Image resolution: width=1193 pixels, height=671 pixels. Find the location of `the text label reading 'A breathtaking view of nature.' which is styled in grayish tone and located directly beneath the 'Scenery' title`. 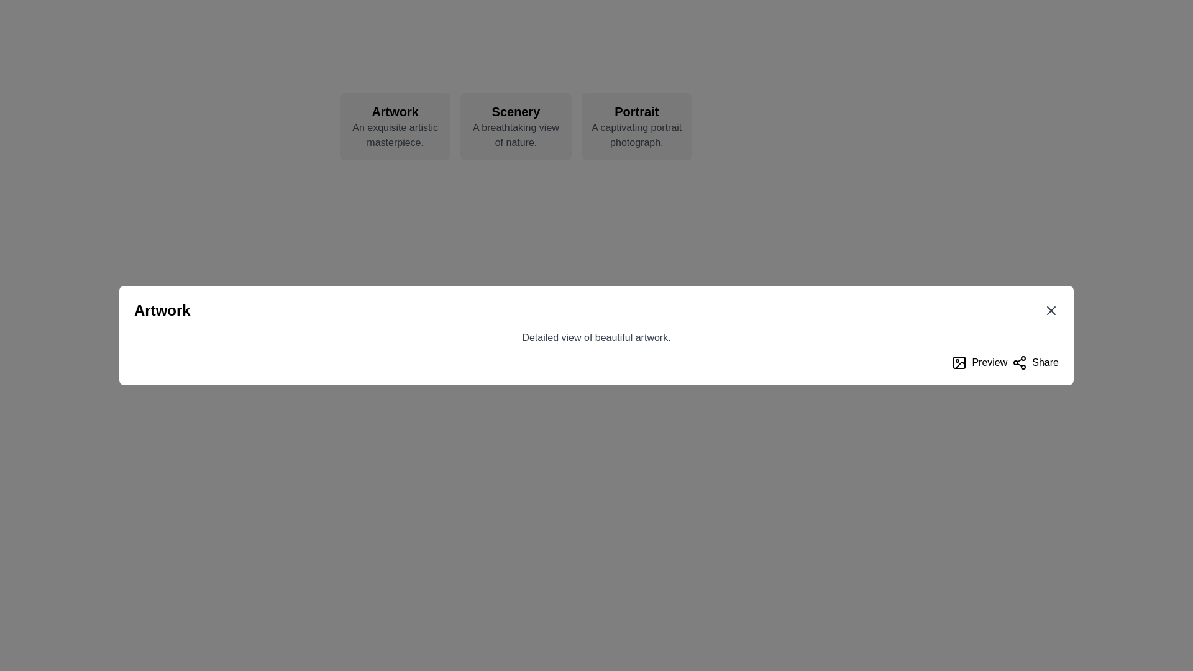

the text label reading 'A breathtaking view of nature.' which is styled in grayish tone and located directly beneath the 'Scenery' title is located at coordinates (516, 135).